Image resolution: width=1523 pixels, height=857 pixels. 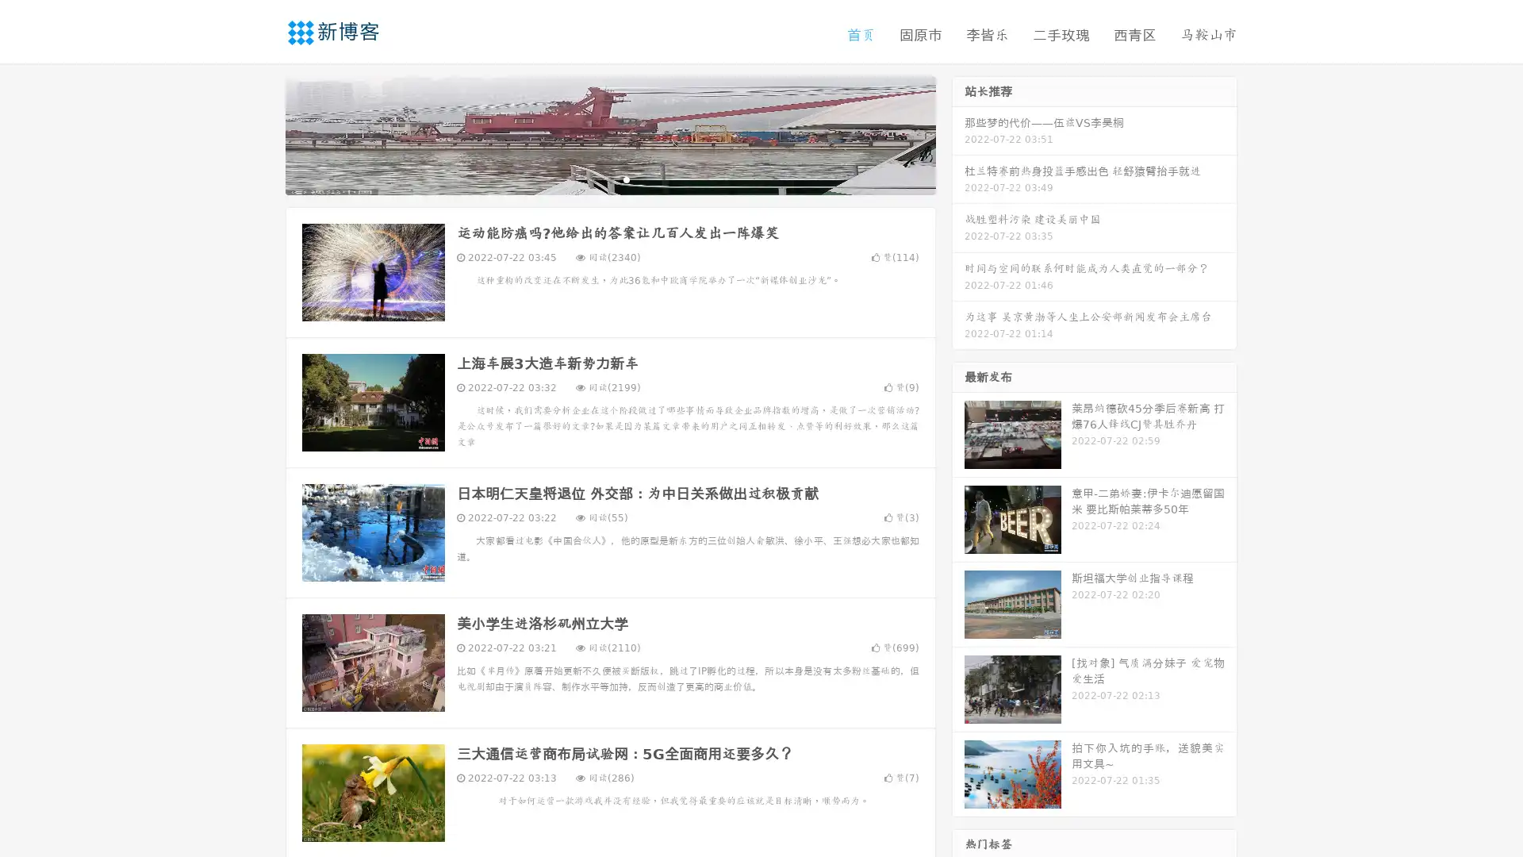 I want to click on Go to slide 1, so click(x=593, y=179).